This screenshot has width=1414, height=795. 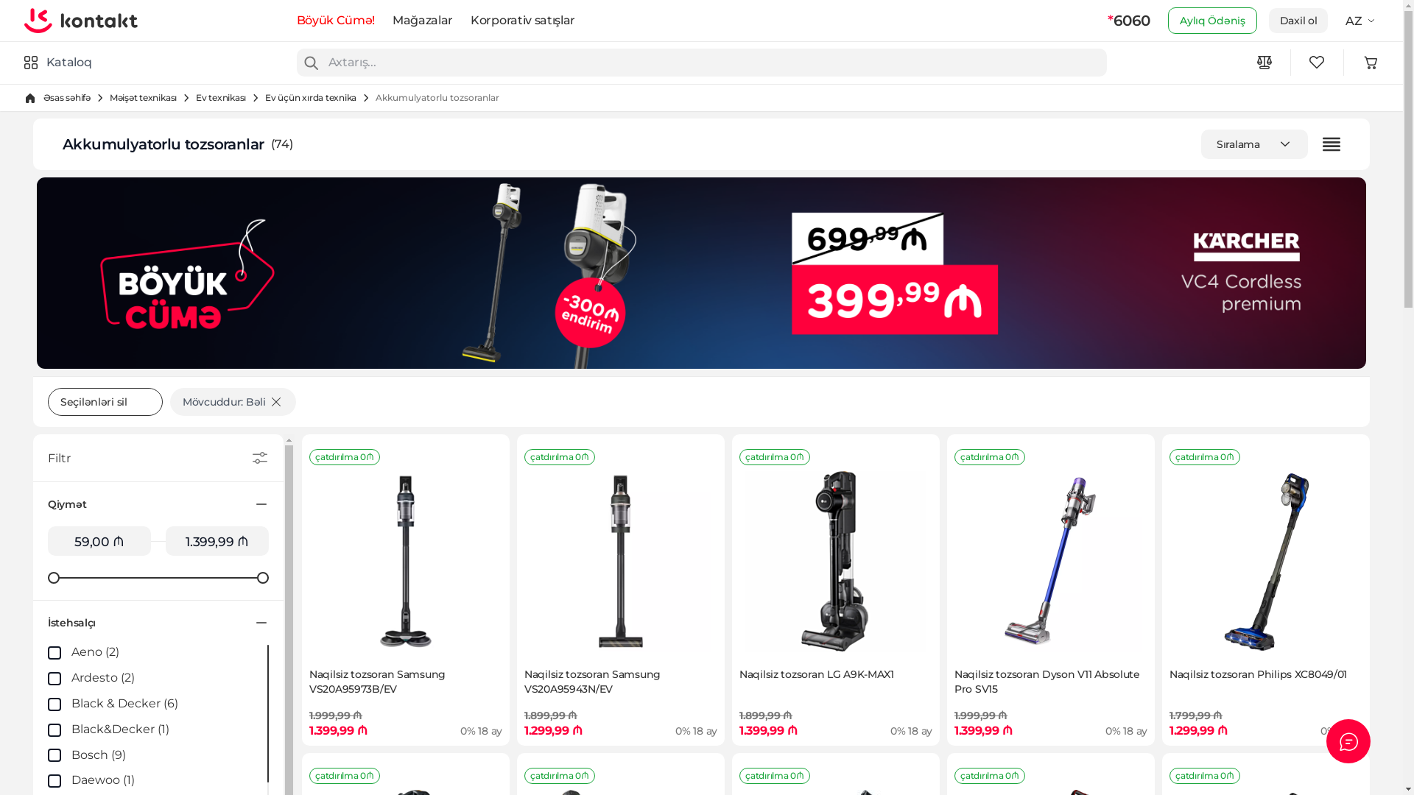 What do you see at coordinates (406, 562) in the screenshot?
I see `'Naqilsiz tozsoran Samsung VS20A95973B/EV	 '` at bounding box center [406, 562].